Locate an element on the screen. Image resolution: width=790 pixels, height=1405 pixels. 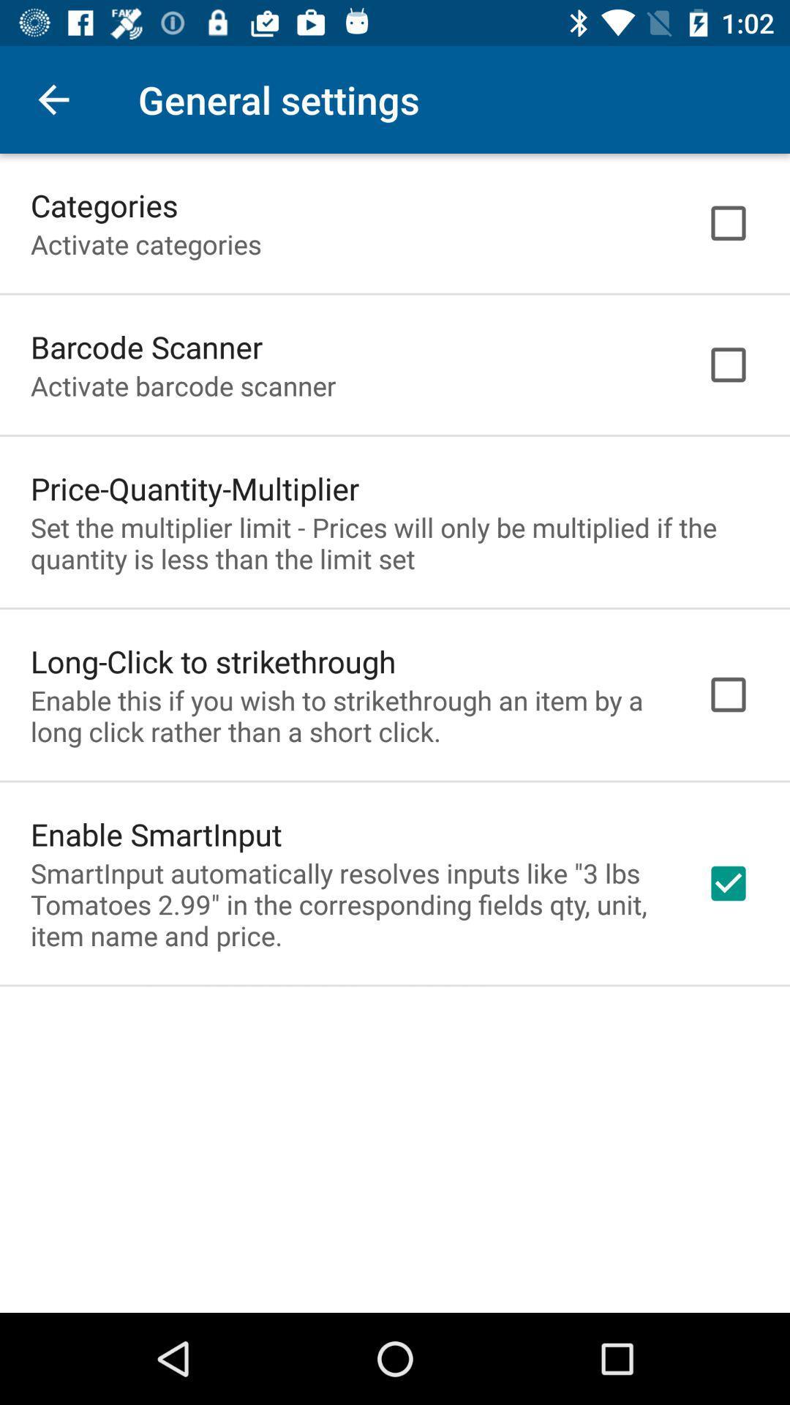
enable this if item is located at coordinates (349, 716).